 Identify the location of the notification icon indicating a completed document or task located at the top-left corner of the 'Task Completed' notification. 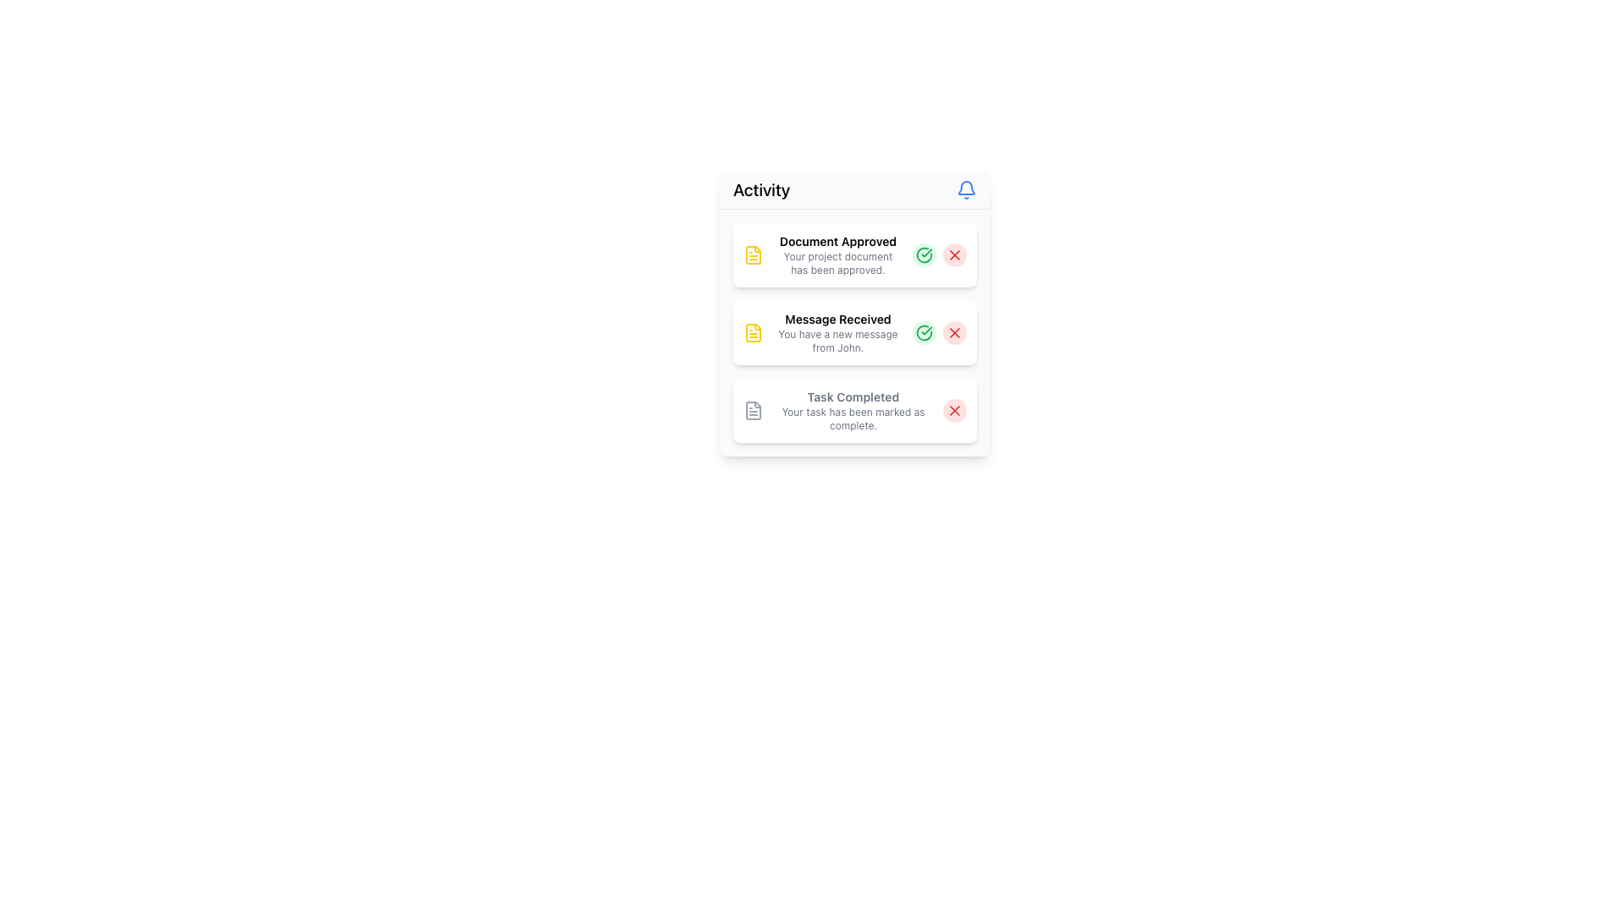
(753, 411).